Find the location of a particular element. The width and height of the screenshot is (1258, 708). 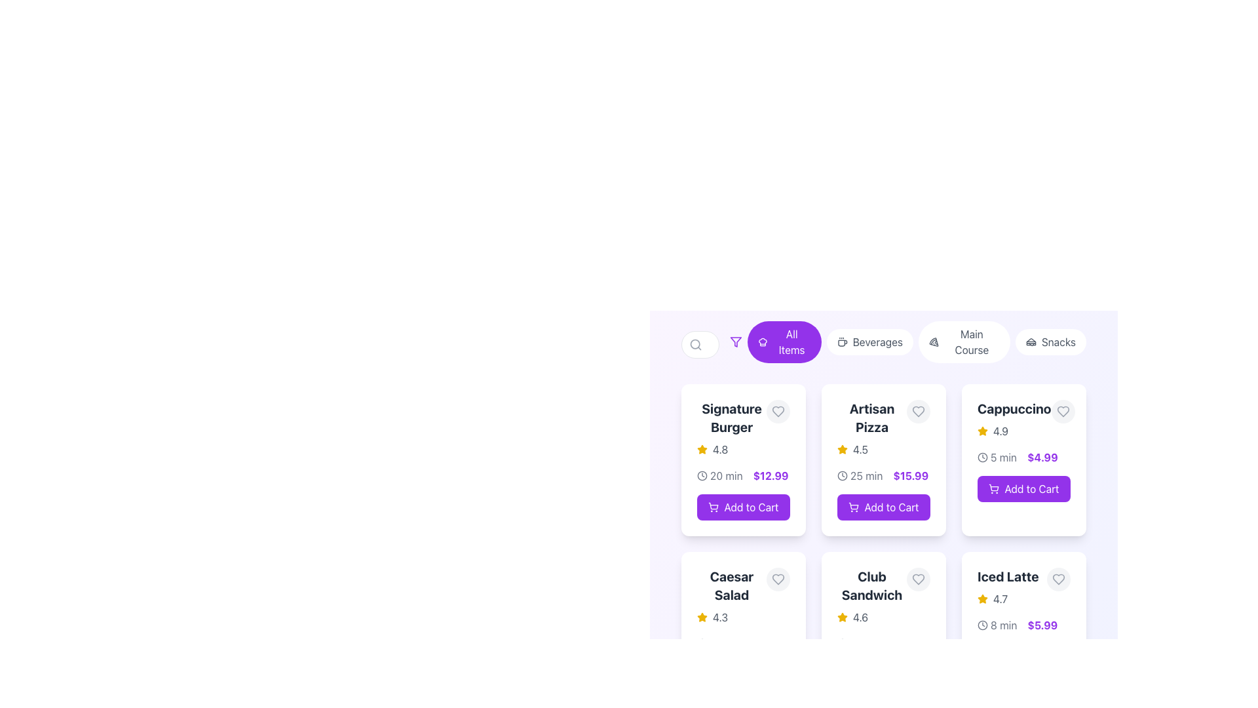

the clock icon indicating the time required for an action, located to the left of the text '8 min' within the lower portion of the 'Iced Latte' card is located at coordinates (982, 624).